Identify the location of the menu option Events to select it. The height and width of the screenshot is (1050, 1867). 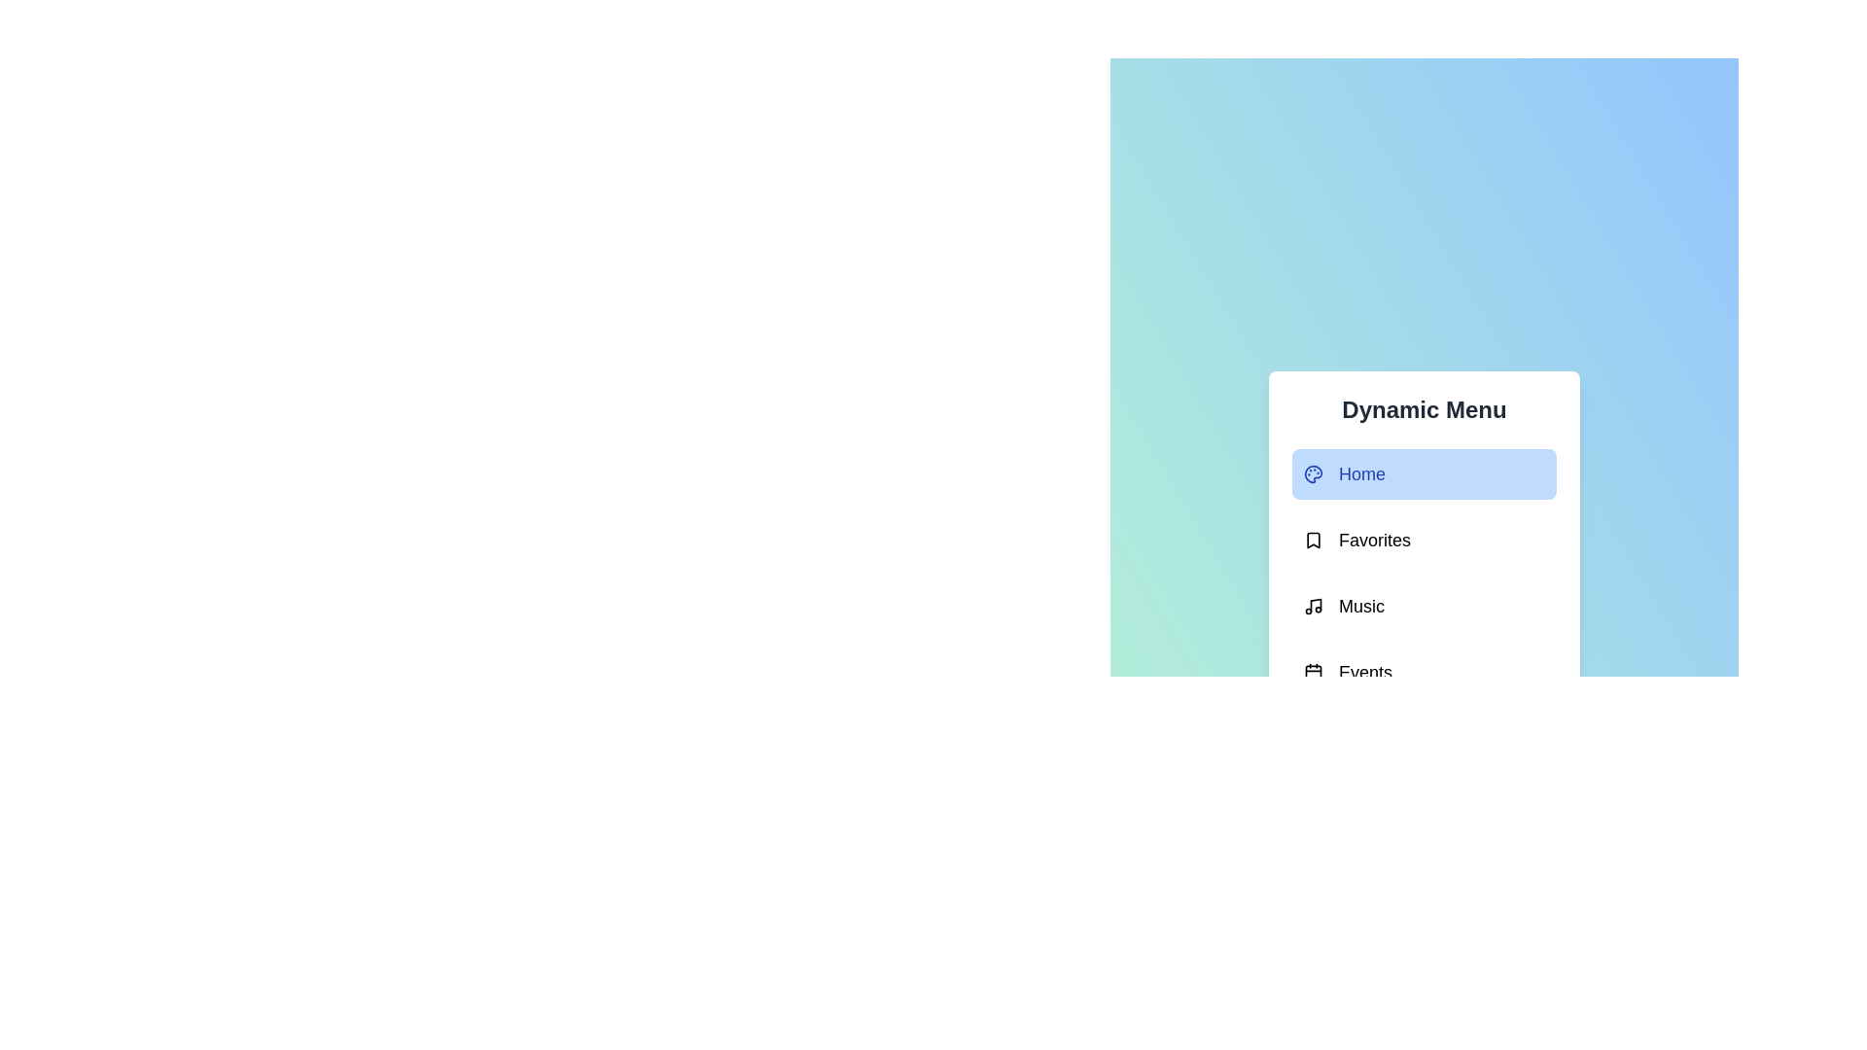
(1424, 671).